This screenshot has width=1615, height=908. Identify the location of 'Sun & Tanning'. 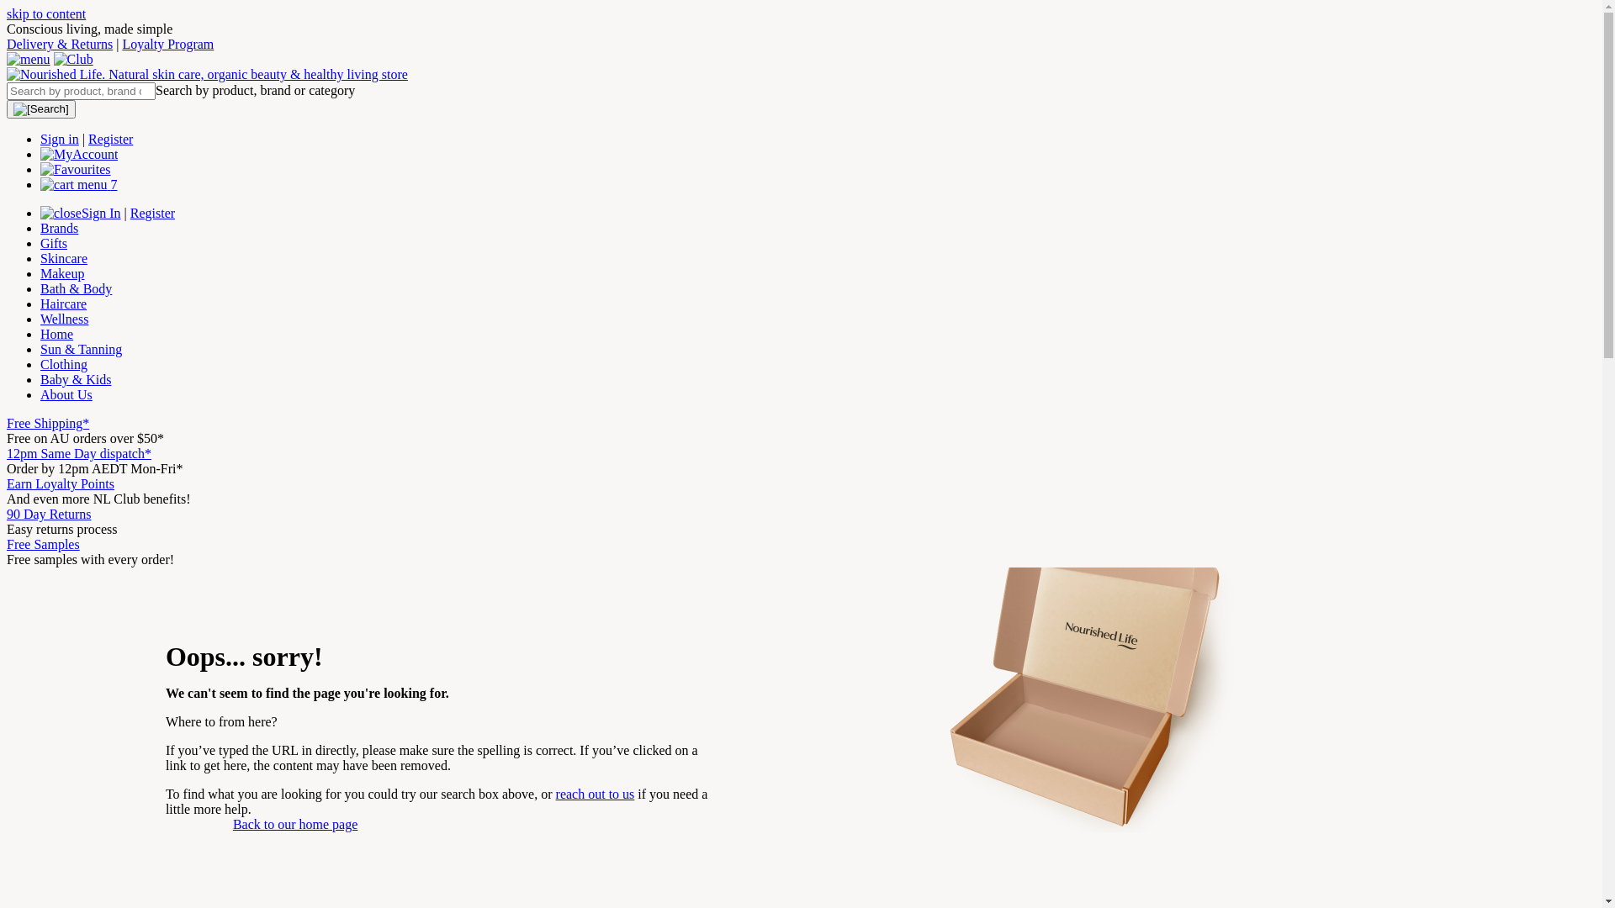
(80, 348).